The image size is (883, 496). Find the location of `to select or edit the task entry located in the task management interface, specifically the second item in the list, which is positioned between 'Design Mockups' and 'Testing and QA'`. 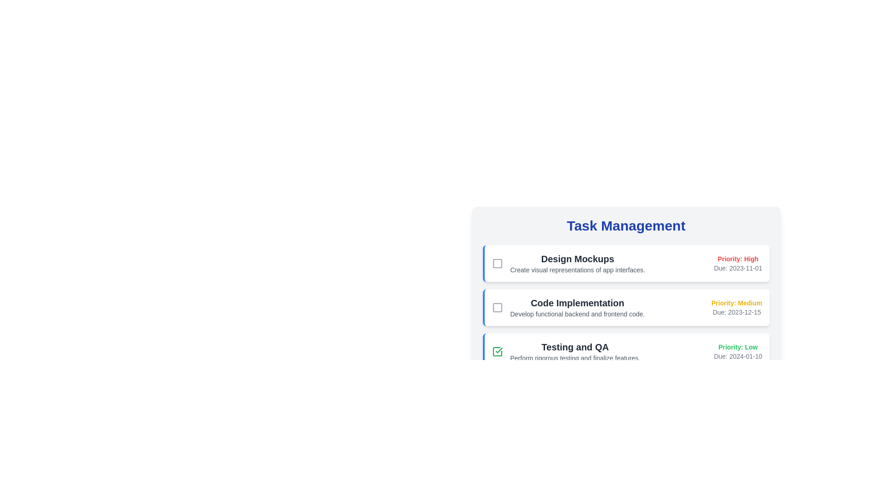

to select or edit the task entry located in the task management interface, specifically the second item in the list, which is positioned between 'Design Mockups' and 'Testing and QA' is located at coordinates (577, 308).